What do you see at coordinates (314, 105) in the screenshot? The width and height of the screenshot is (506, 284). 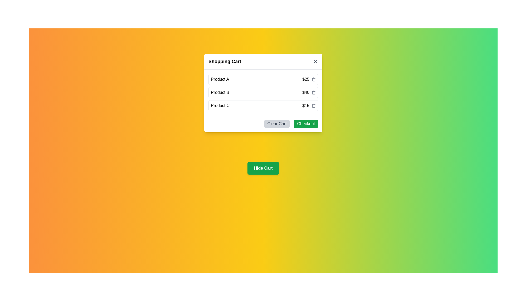 I see `the Icon button that removes Product C from the shopping cart to change its color` at bounding box center [314, 105].